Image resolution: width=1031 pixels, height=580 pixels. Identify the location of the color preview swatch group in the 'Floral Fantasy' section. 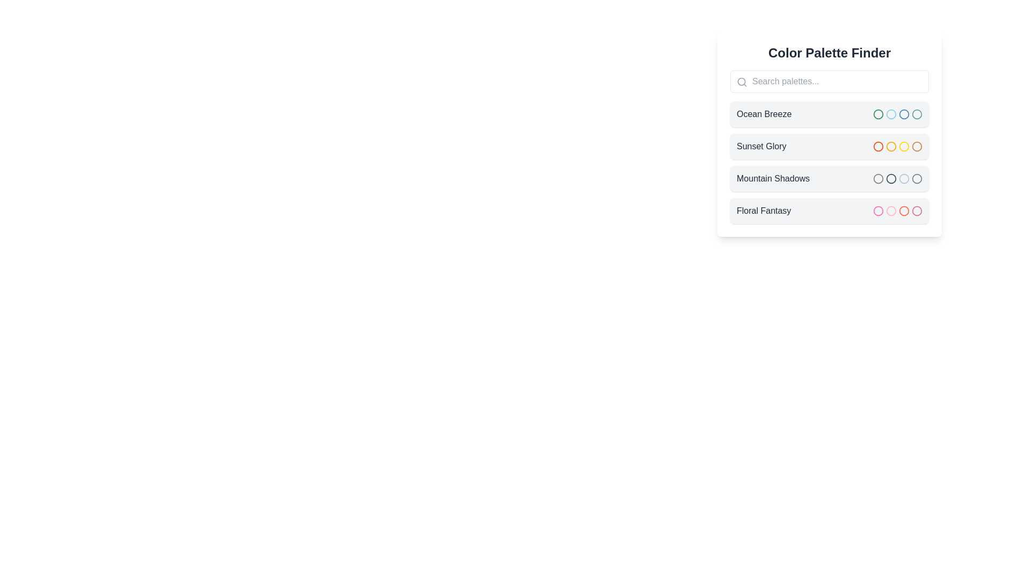
(897, 211).